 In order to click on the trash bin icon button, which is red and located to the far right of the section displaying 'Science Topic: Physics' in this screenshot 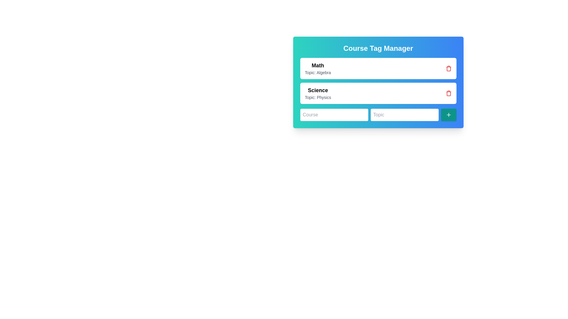, I will do `click(448, 93)`.